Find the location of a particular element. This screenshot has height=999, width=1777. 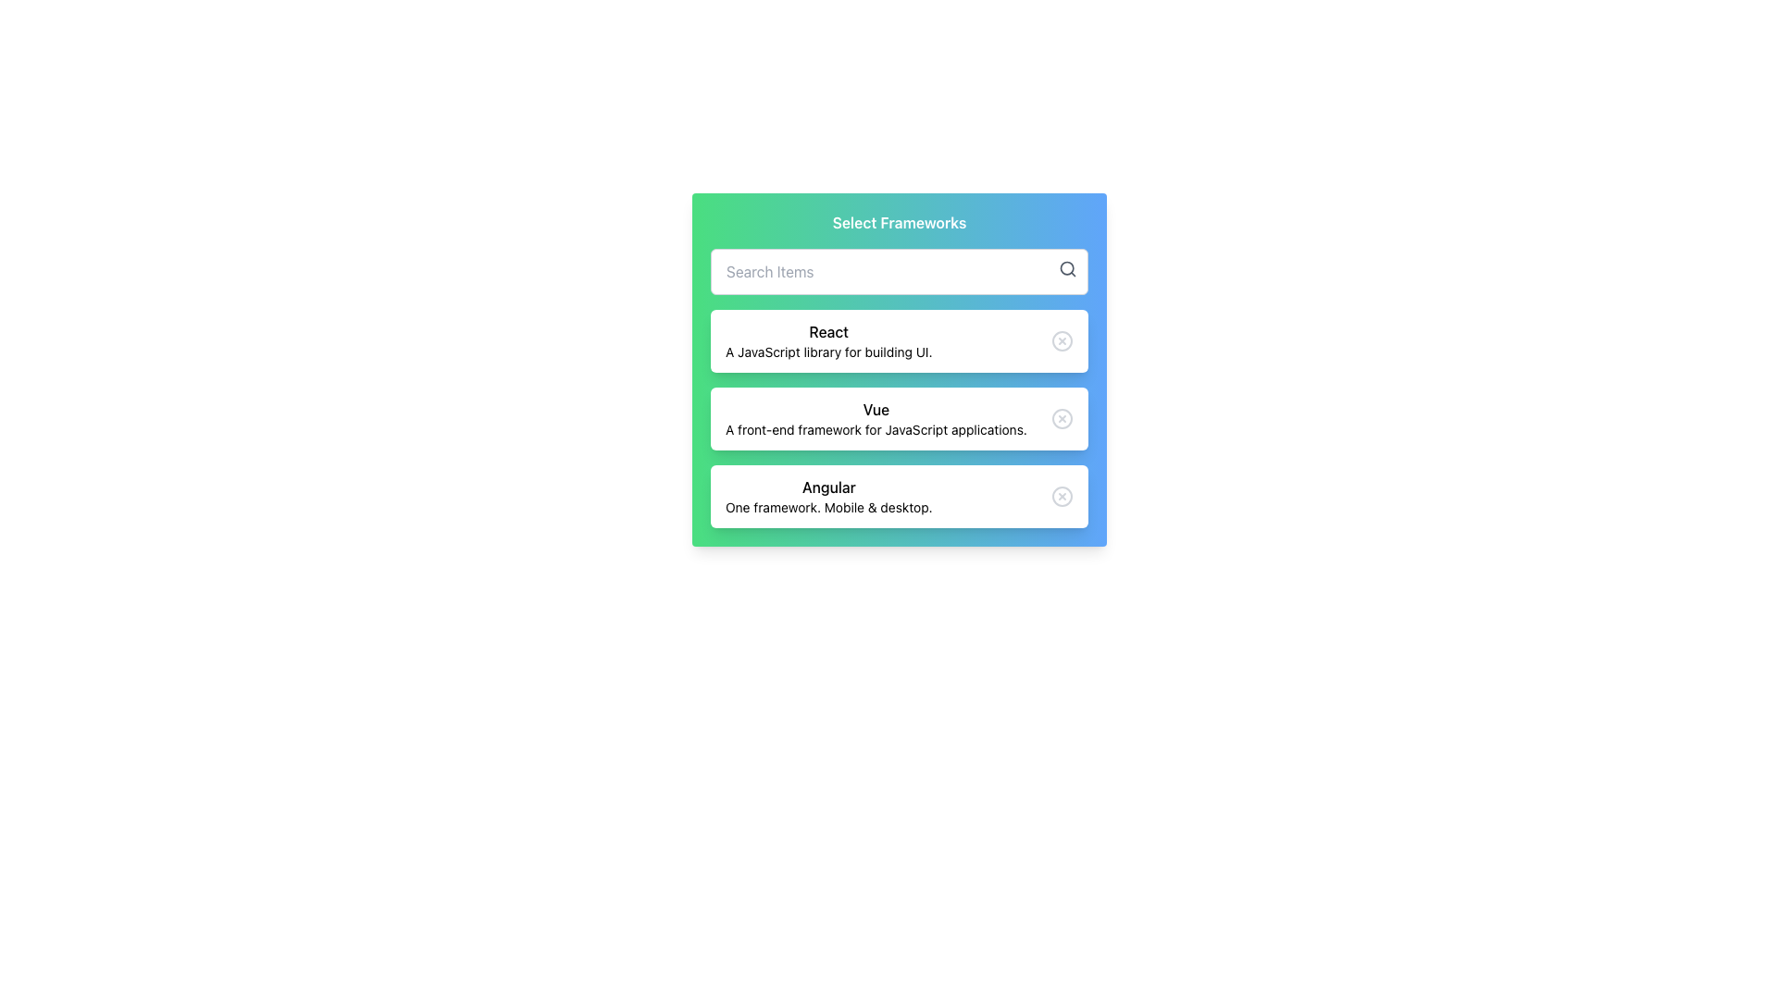

the text label identifying the framework 'Vue' in the middle section of the vertically organized list of framework options is located at coordinates (875, 409).